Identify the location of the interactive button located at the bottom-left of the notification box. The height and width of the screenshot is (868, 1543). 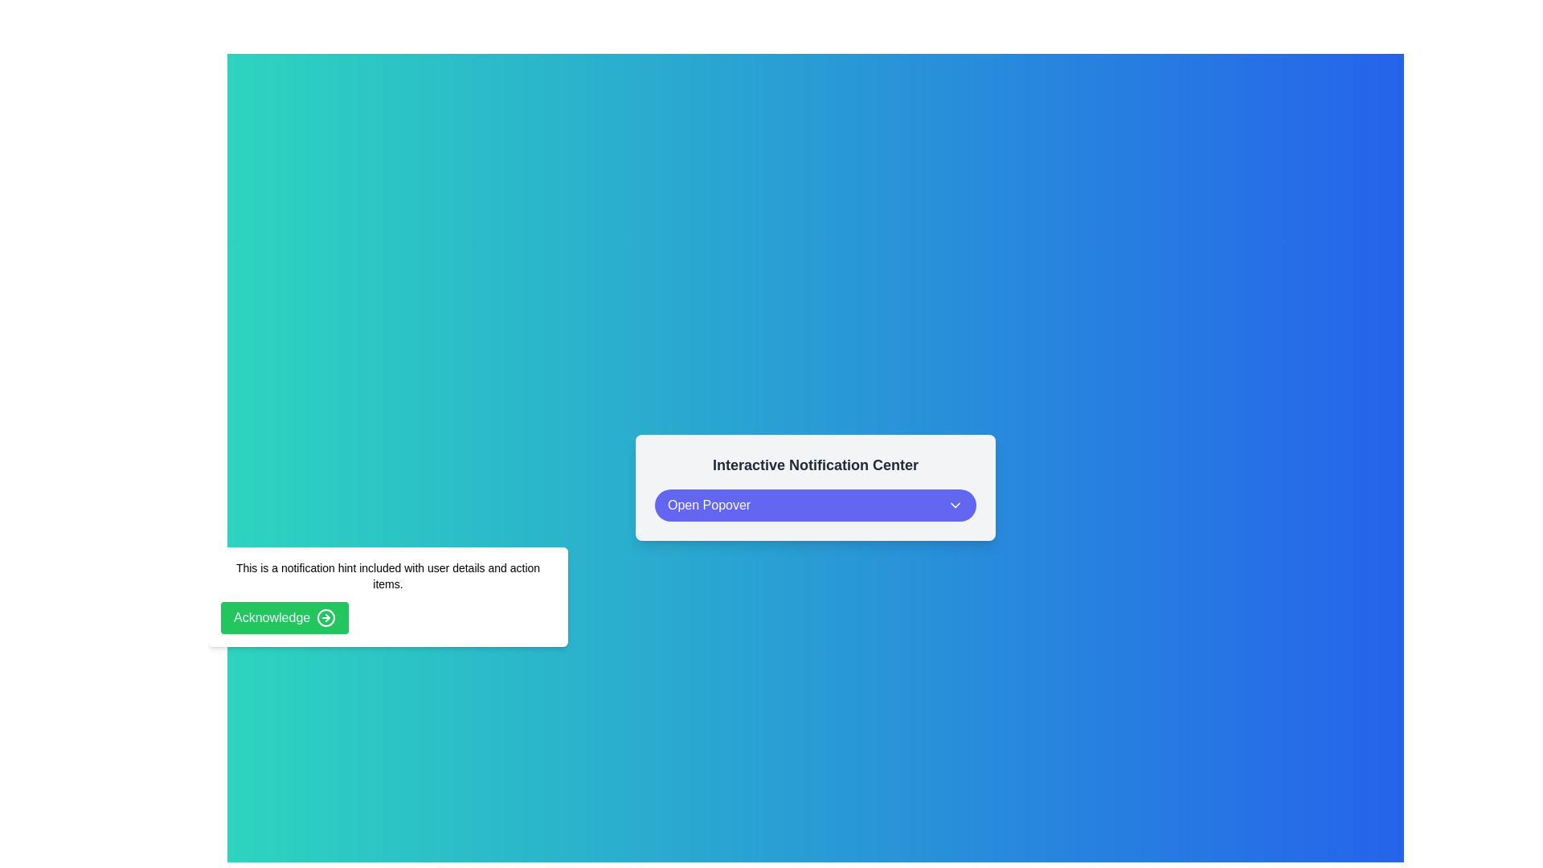
(284, 616).